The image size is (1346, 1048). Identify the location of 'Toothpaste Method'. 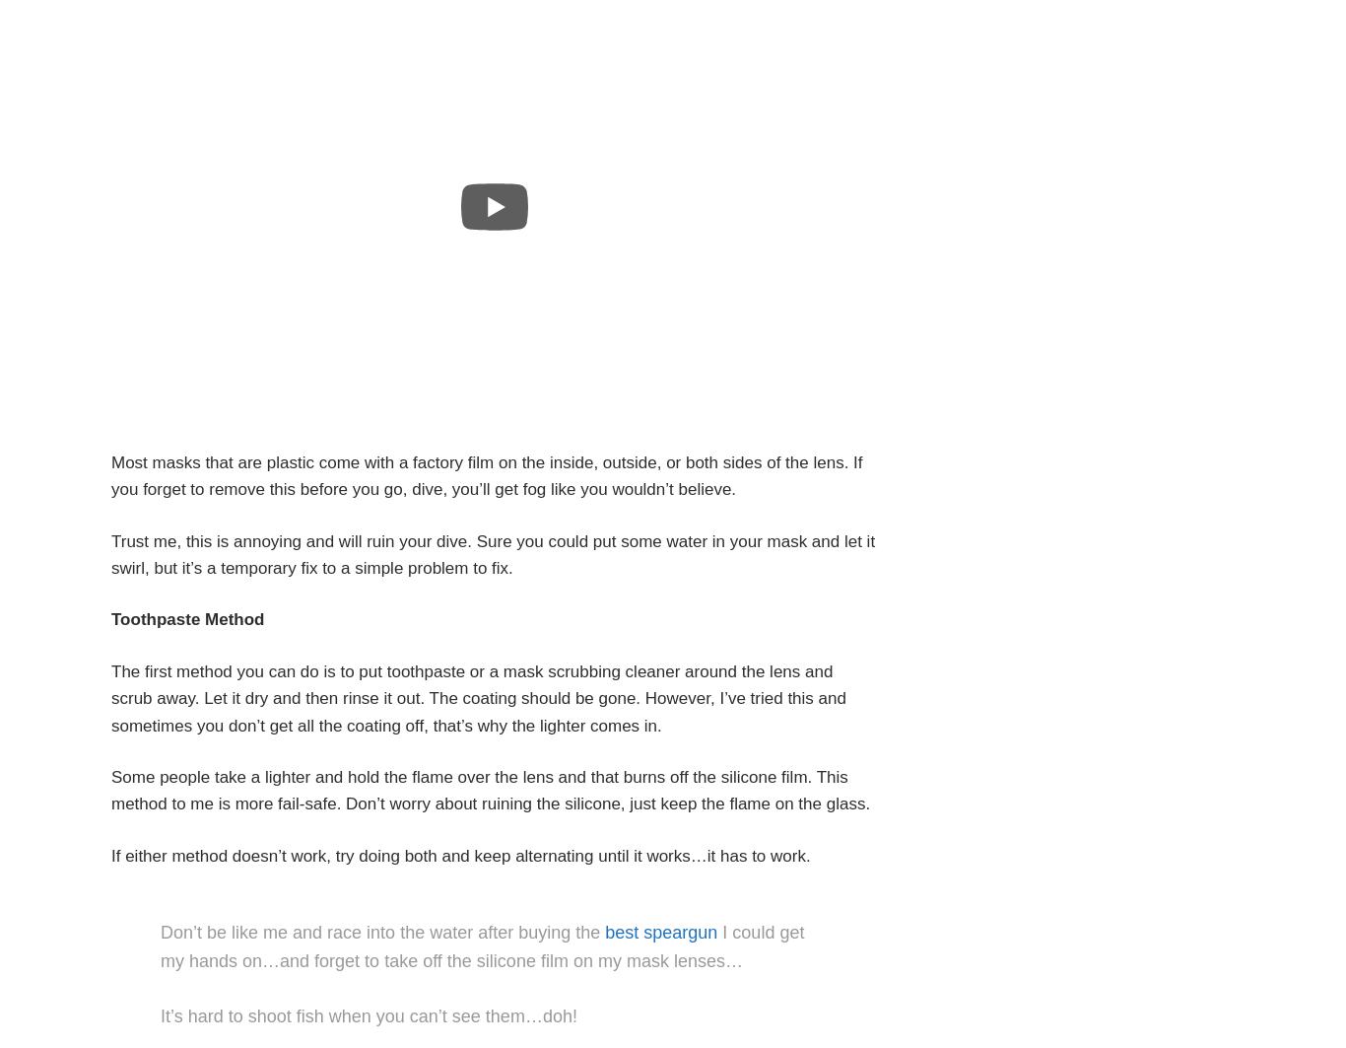
(186, 618).